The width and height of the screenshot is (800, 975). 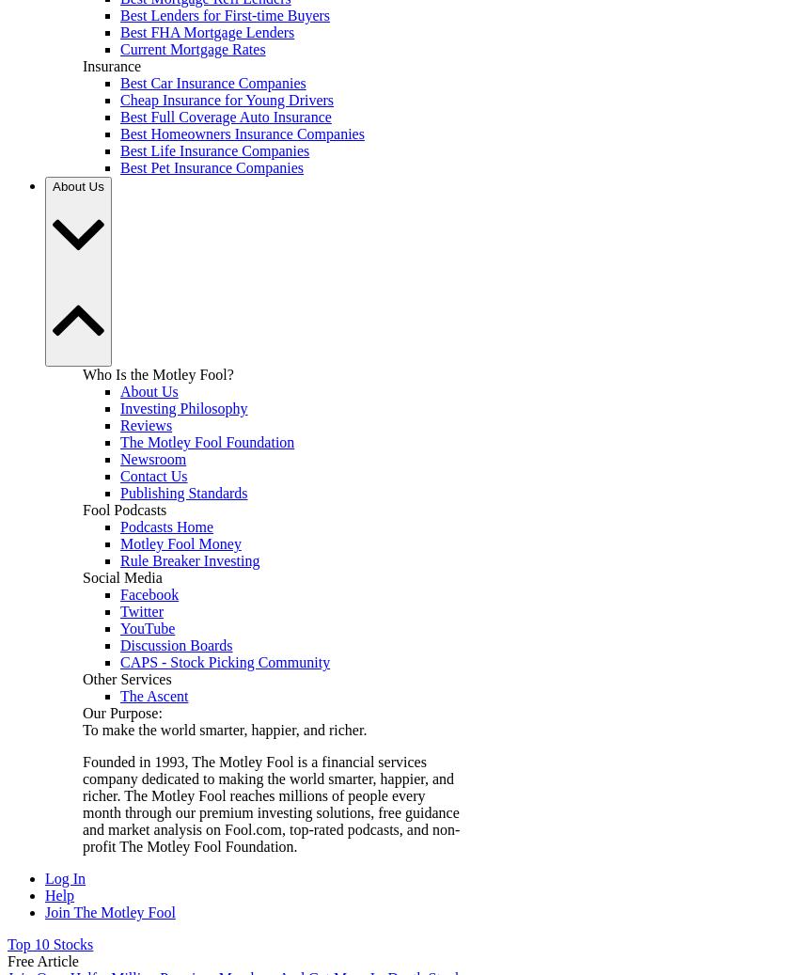 I want to click on 'Free Article', so click(x=42, y=961).